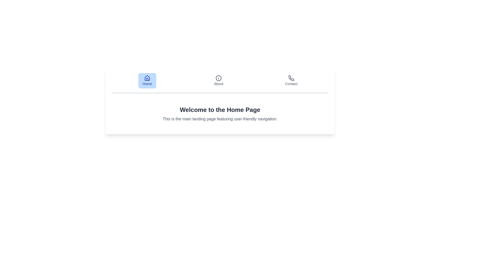  I want to click on the Contact tab to observe its style change, so click(291, 80).